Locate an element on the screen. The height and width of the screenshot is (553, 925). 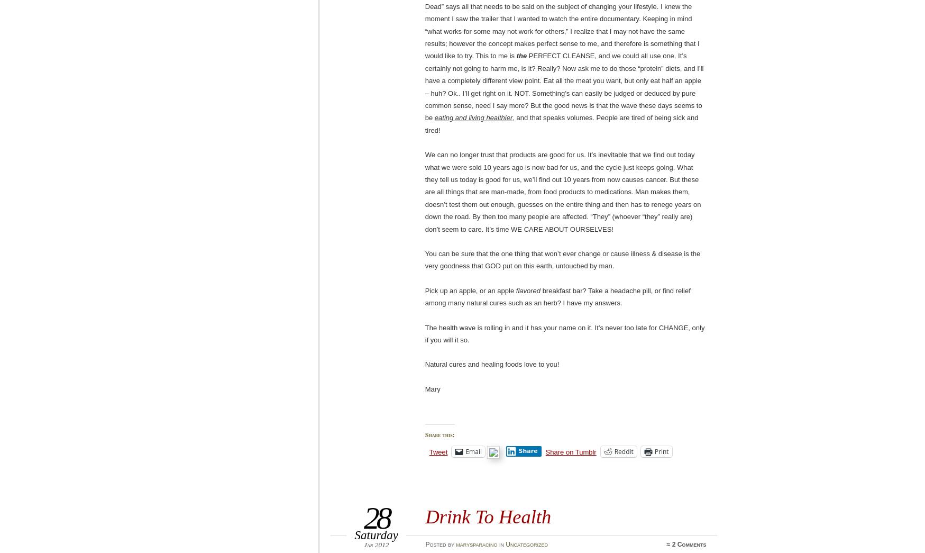
'the' is located at coordinates (521, 56).